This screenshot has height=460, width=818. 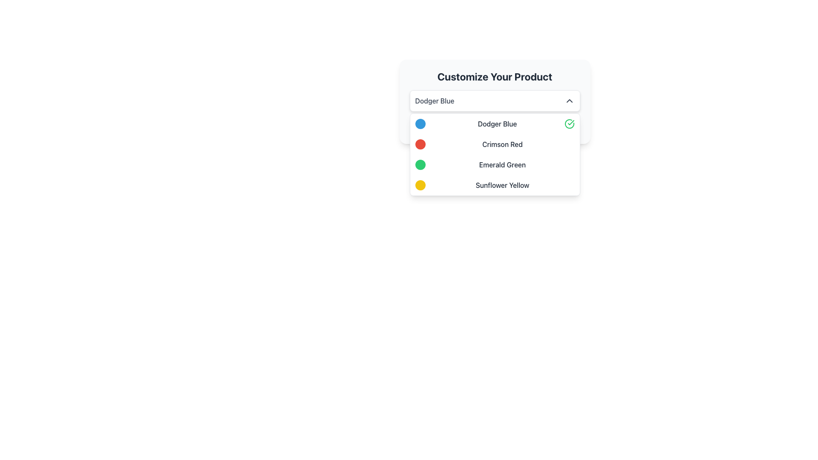 I want to click on the check mark icon located beside the selected item 'Dodger Blue' in the dropdown selection box, so click(x=570, y=123).